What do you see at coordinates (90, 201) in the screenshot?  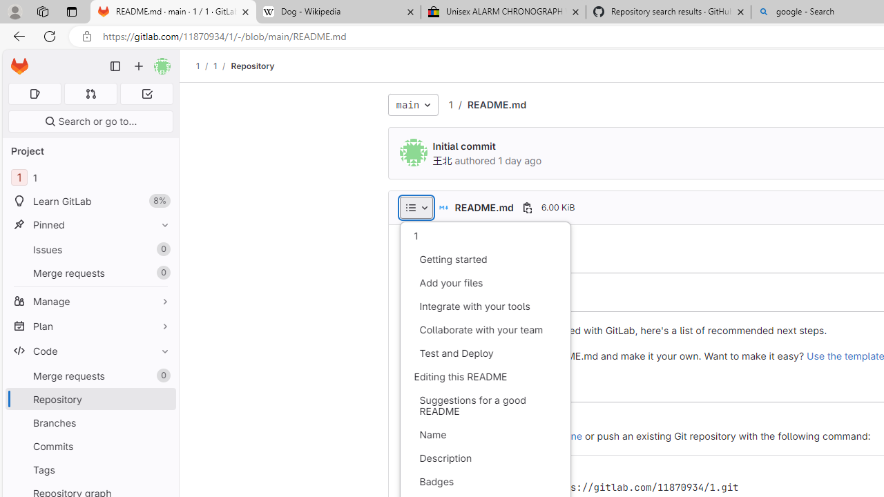 I see `'Learn GitLab 8%'` at bounding box center [90, 201].